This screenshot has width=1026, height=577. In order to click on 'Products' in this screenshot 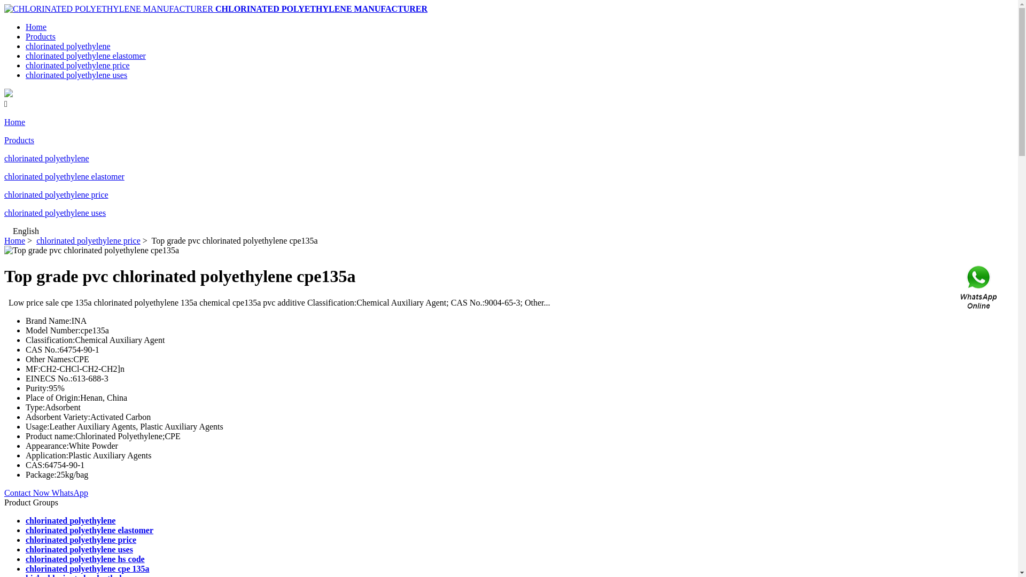, I will do `click(26, 36)`.